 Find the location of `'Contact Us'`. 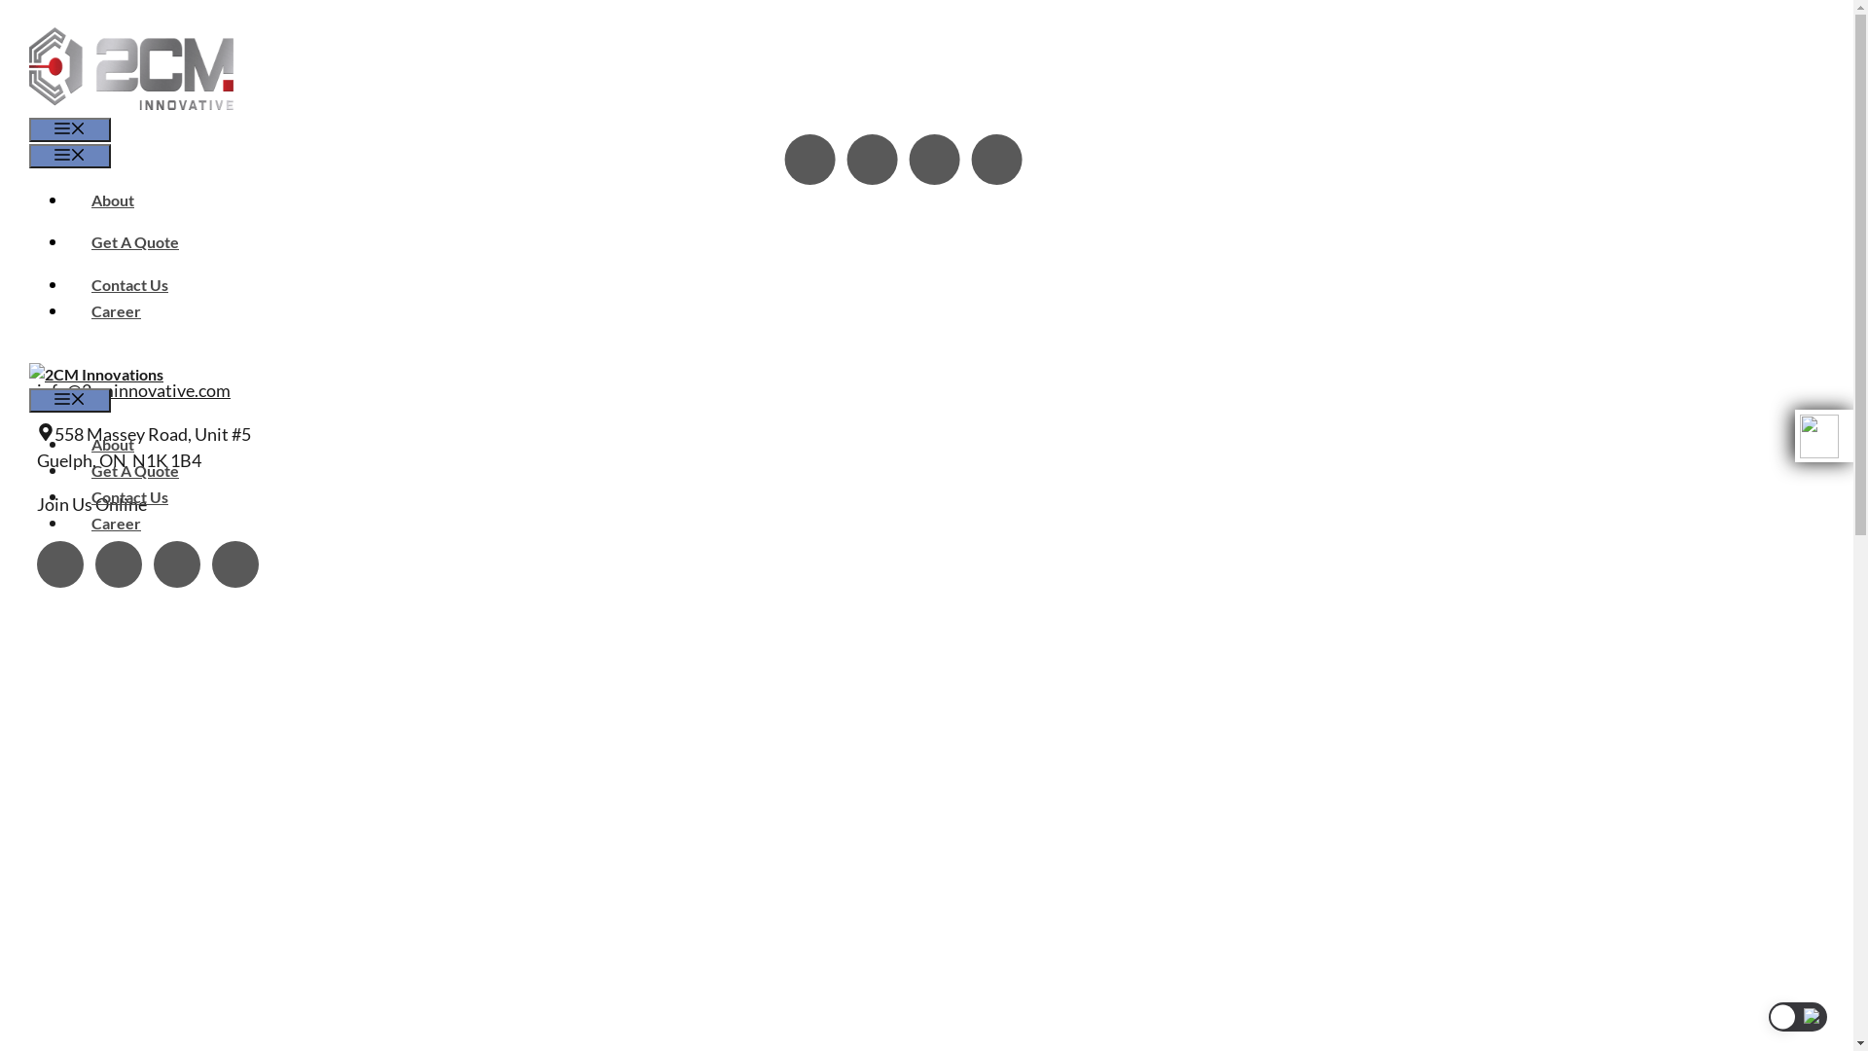

'Contact Us' is located at coordinates (128, 495).